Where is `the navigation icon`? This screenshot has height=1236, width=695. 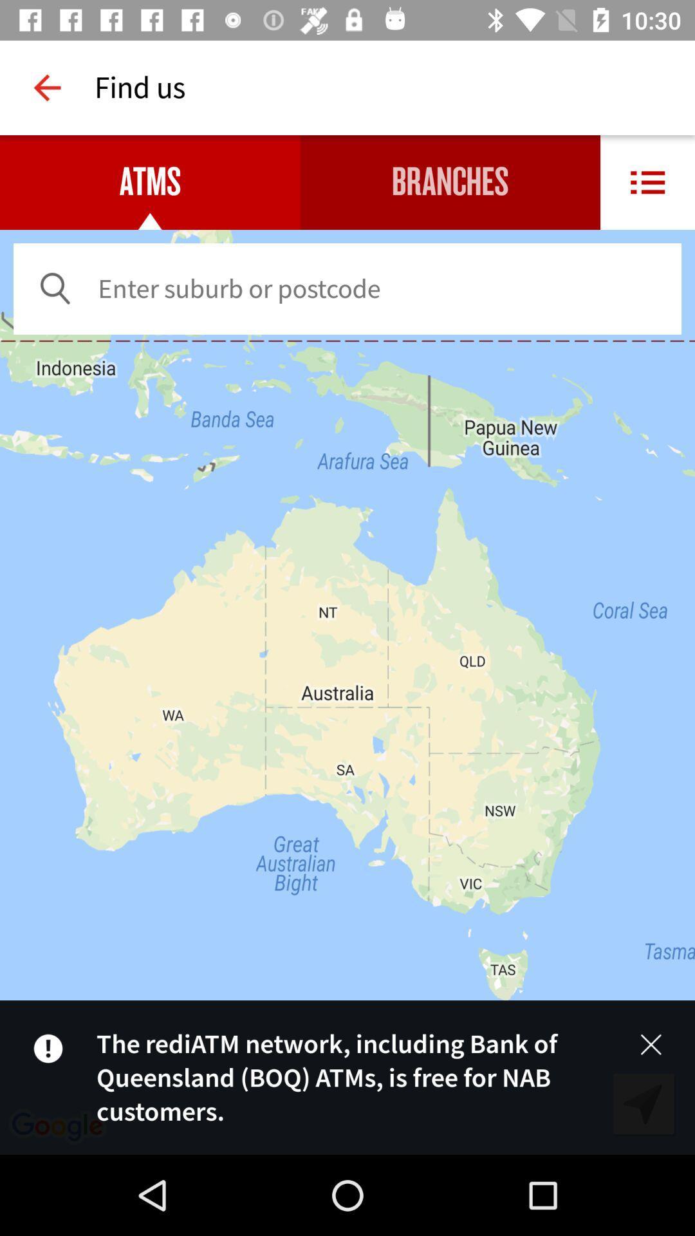
the navigation icon is located at coordinates (645, 1105).